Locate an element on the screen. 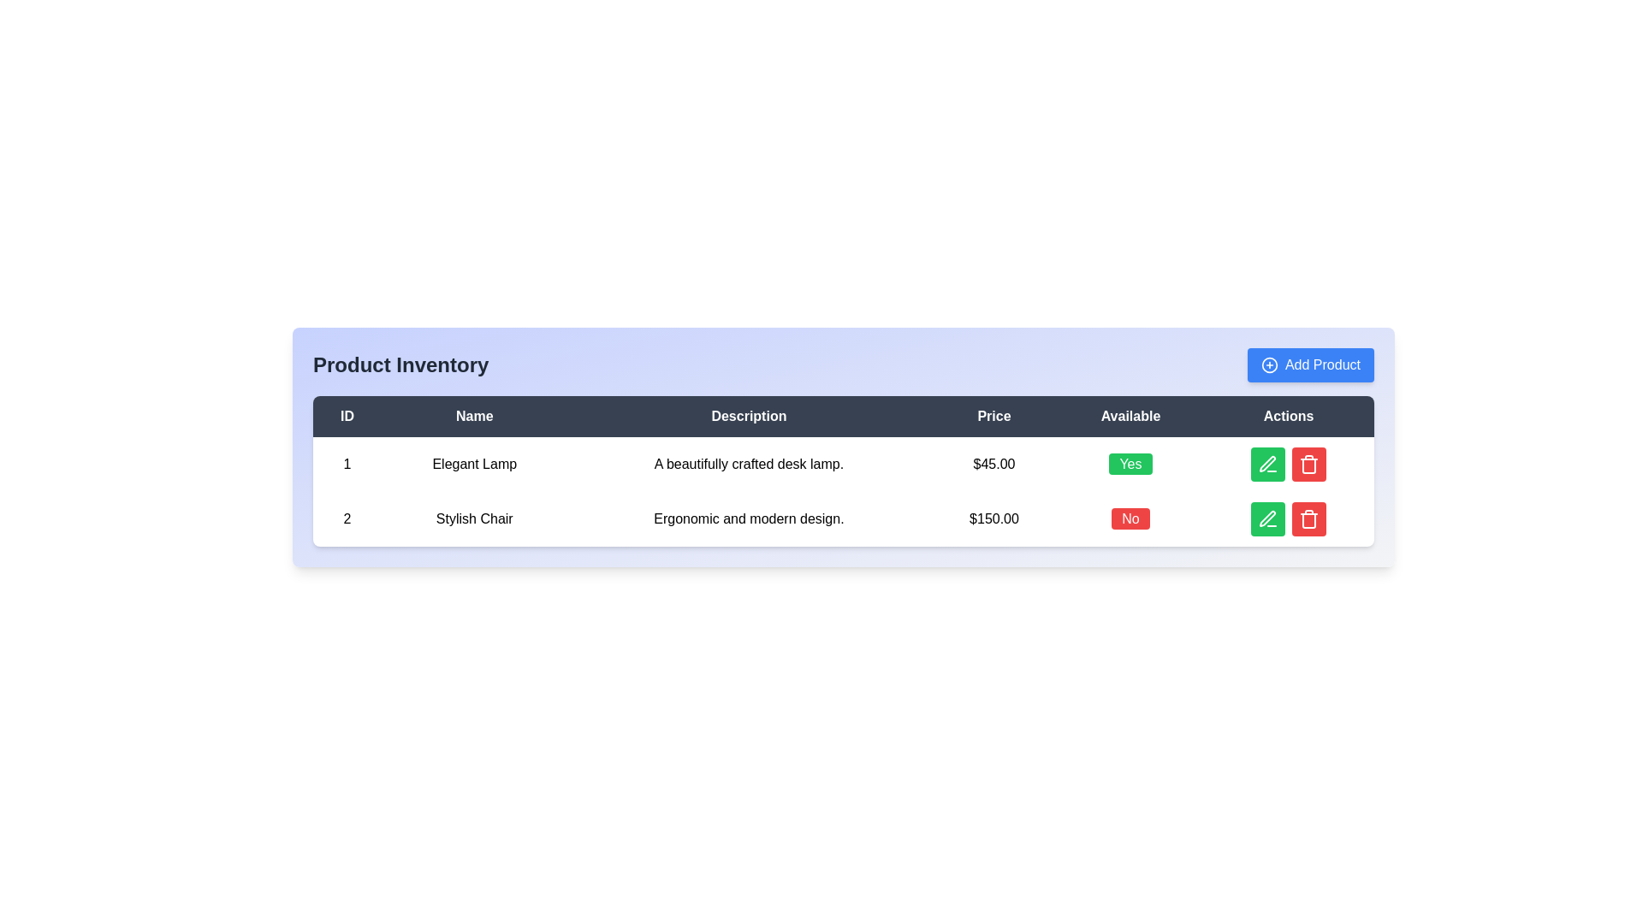 This screenshot has width=1643, height=924. the 'Elegant Lamp' text label in the product table, located in the first row, second column, adjacent to the ID '1' and the Description 'A beautifully crafted desk lamp.' is located at coordinates (474, 465).